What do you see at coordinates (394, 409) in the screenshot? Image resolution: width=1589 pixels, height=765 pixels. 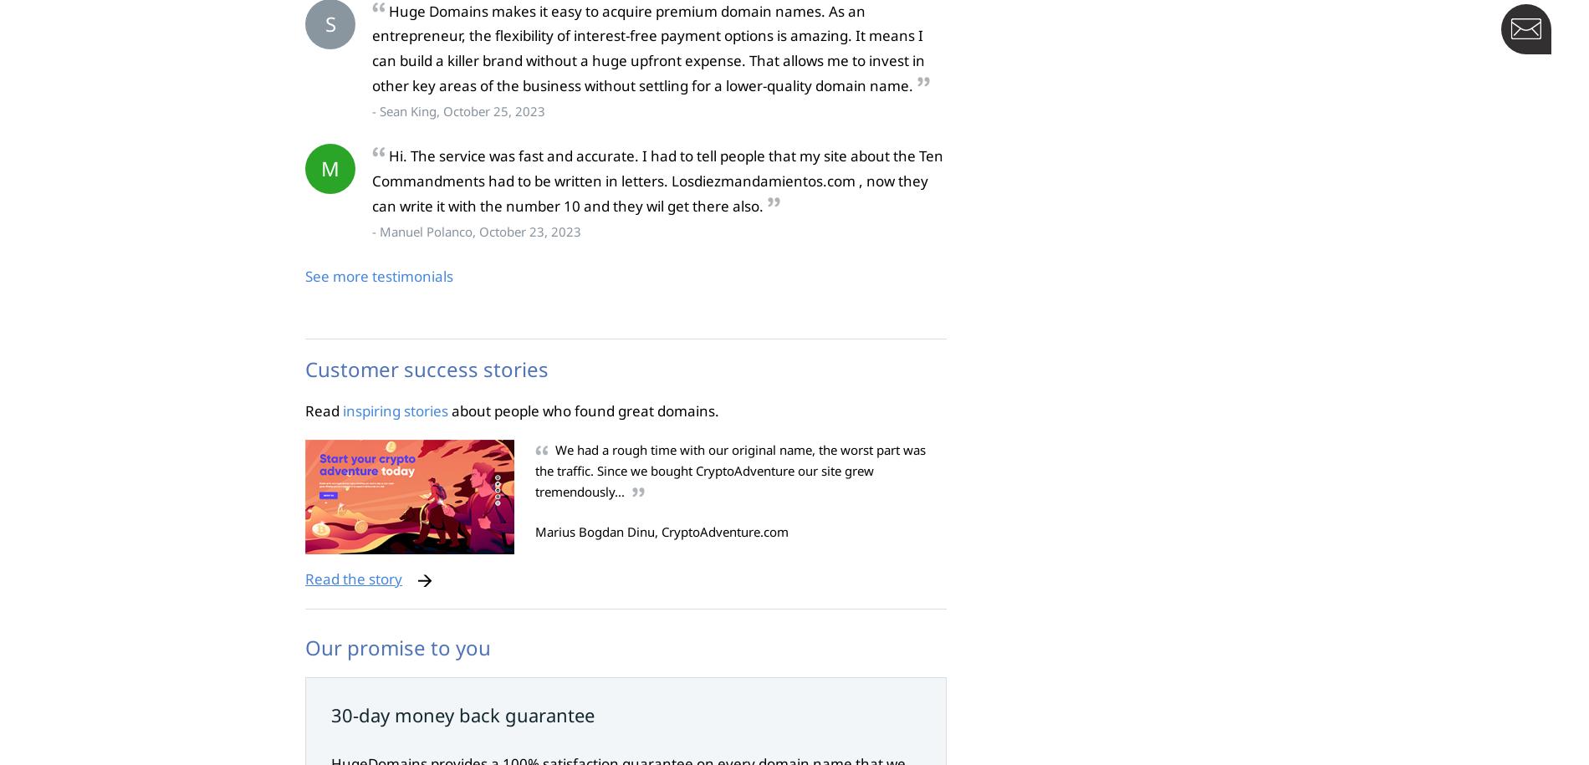 I see `'inspiring stories'` at bounding box center [394, 409].